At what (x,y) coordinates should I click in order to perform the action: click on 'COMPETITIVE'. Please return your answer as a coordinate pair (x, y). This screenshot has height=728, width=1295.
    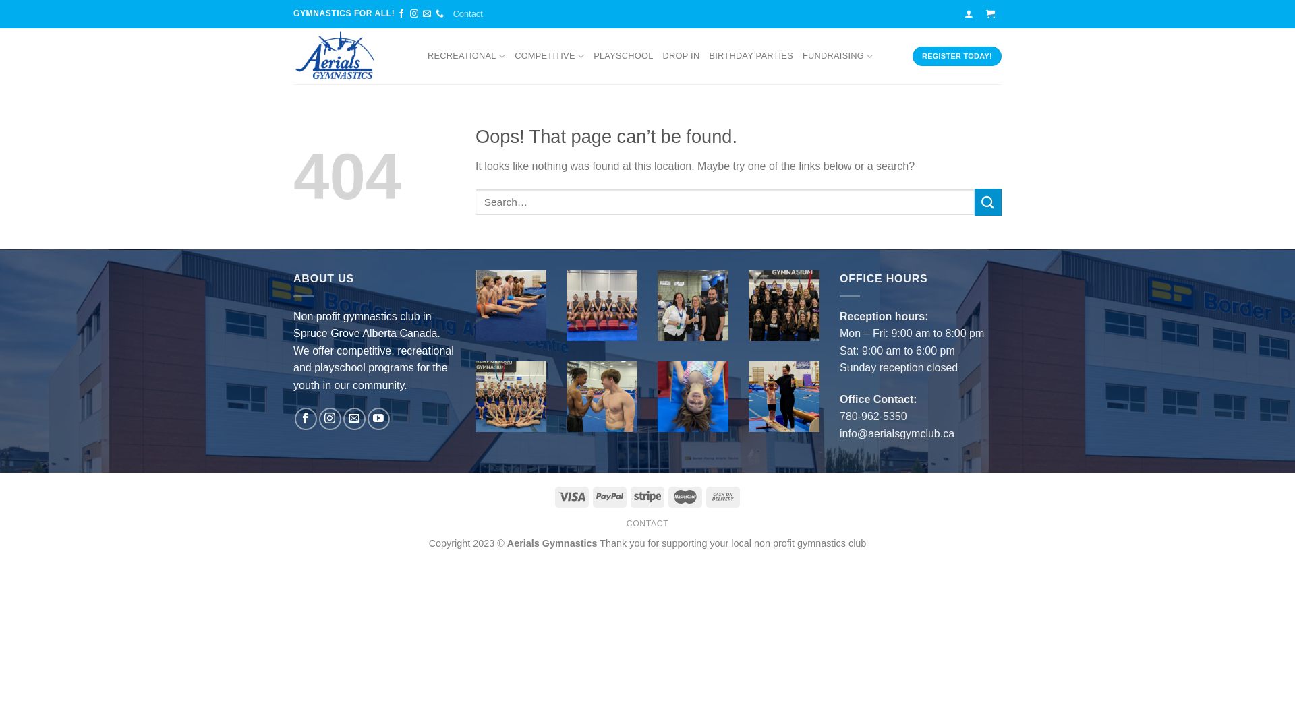
    Looking at the image, I should click on (514, 55).